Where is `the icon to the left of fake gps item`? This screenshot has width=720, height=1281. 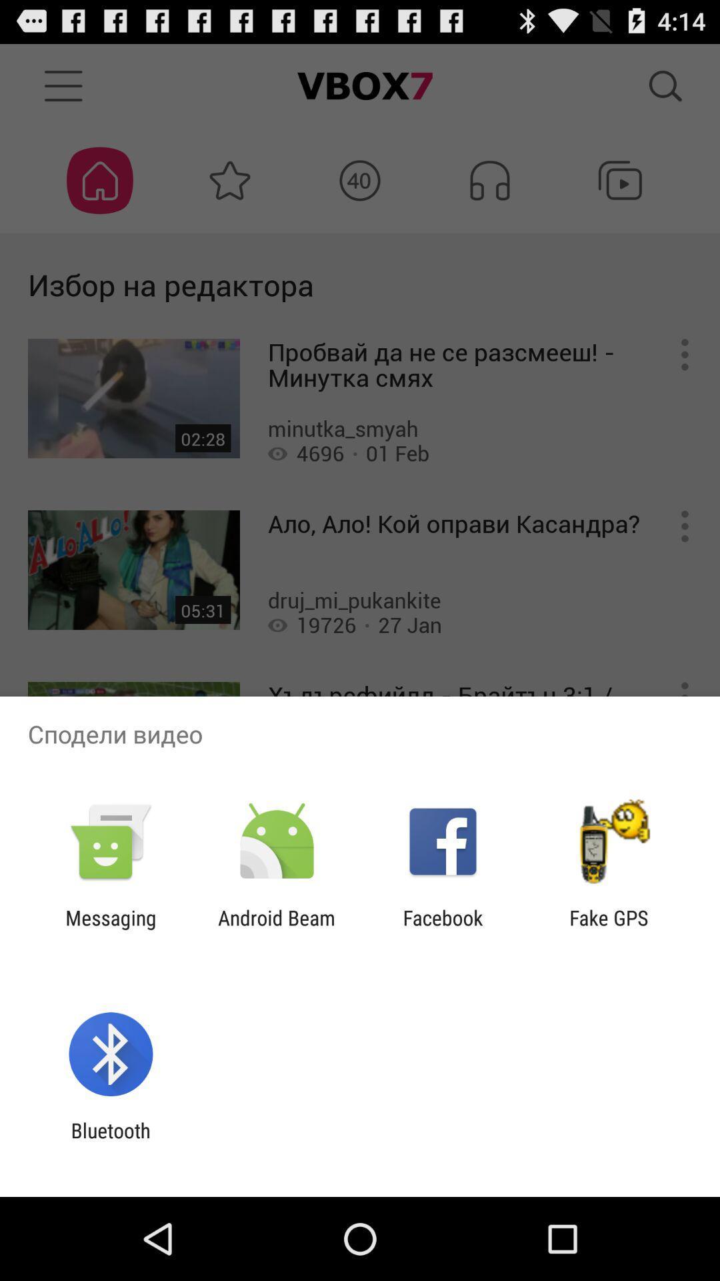
the icon to the left of fake gps item is located at coordinates (443, 929).